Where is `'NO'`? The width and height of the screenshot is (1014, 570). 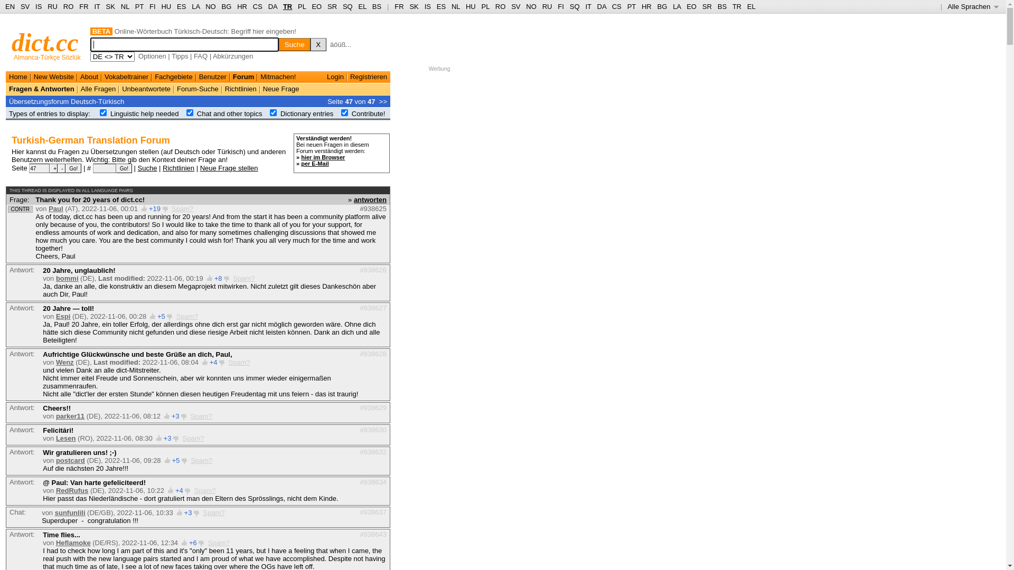 'NO' is located at coordinates (531, 6).